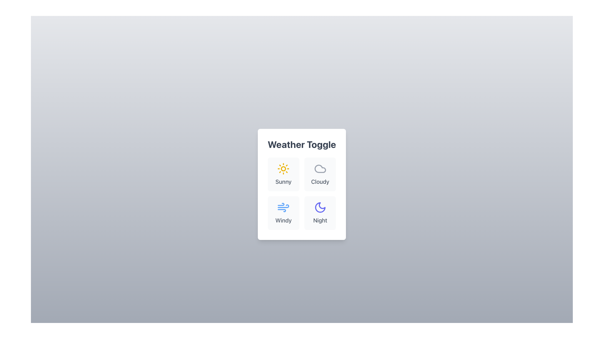 The height and width of the screenshot is (337, 600). Describe the element at coordinates (283, 168) in the screenshot. I see `the small circular shape, which is the 'Sunny' option in the weather toggle interface, centered within a larger sun-like illustration` at that location.